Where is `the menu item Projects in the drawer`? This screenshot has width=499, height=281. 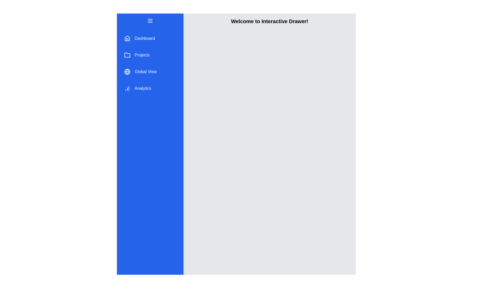
the menu item Projects in the drawer is located at coordinates (150, 55).